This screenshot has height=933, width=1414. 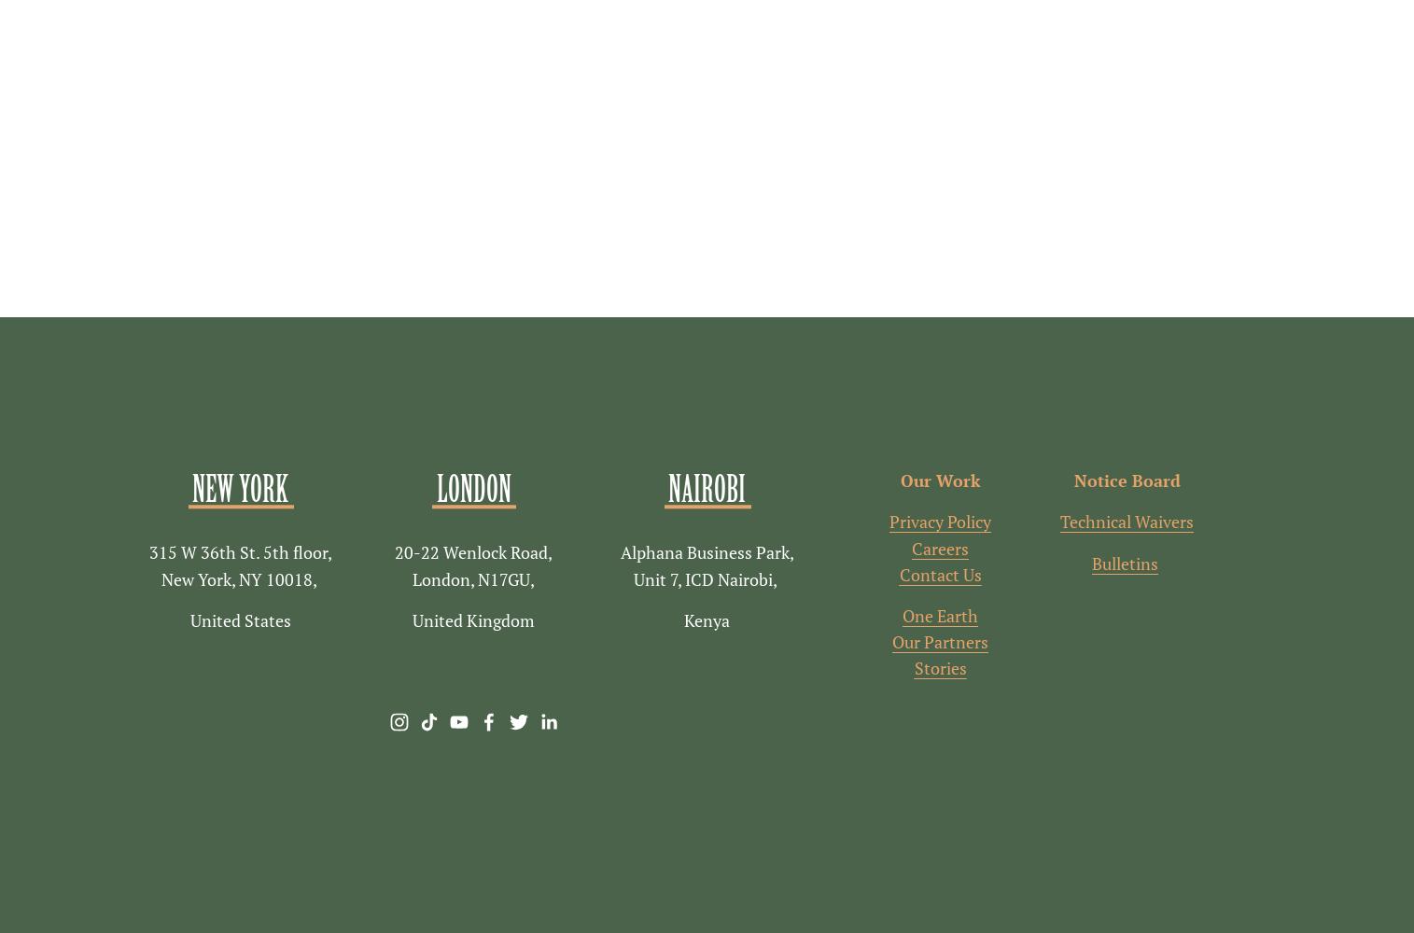 What do you see at coordinates (240, 489) in the screenshot?
I see `'New York'` at bounding box center [240, 489].